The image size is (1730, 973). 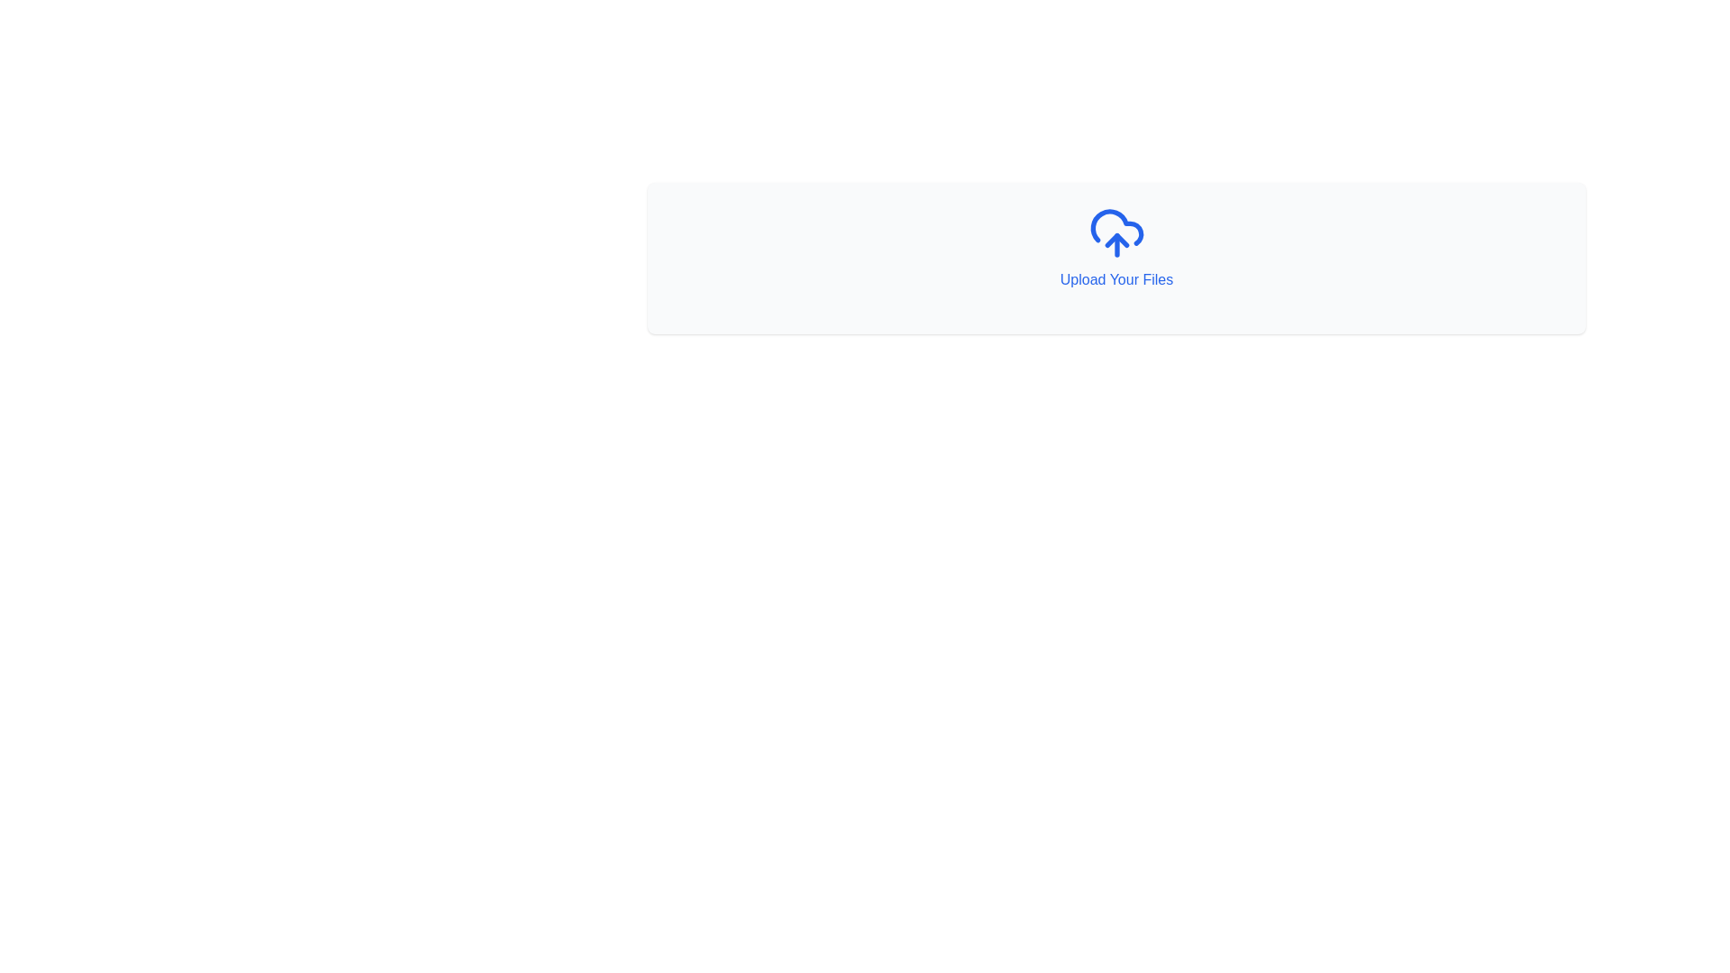 What do you see at coordinates (1115, 232) in the screenshot?
I see `the blue cloud upload icon with an upward arrow, which is visually centered above the text 'Upload Your Files'` at bounding box center [1115, 232].